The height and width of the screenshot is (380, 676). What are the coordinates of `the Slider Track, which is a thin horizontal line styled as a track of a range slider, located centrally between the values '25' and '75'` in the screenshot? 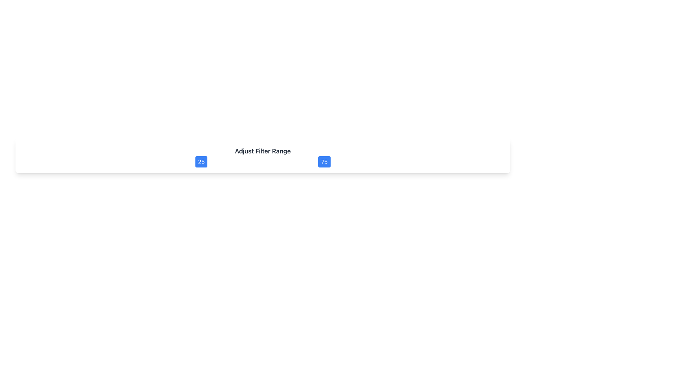 It's located at (286, 165).